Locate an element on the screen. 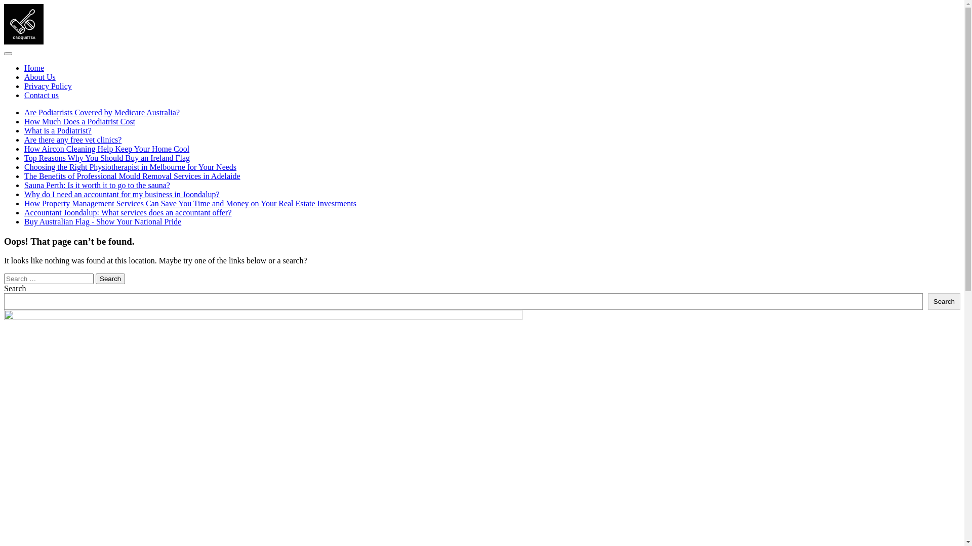 The height and width of the screenshot is (546, 972). 'About Us' is located at coordinates (39, 76).